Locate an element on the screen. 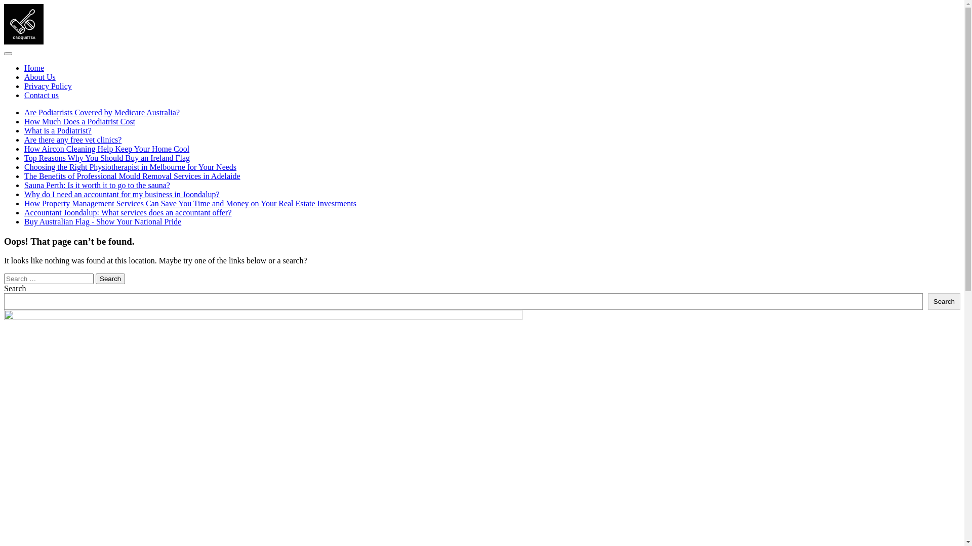 The height and width of the screenshot is (546, 972). 'About Us' is located at coordinates (39, 76).